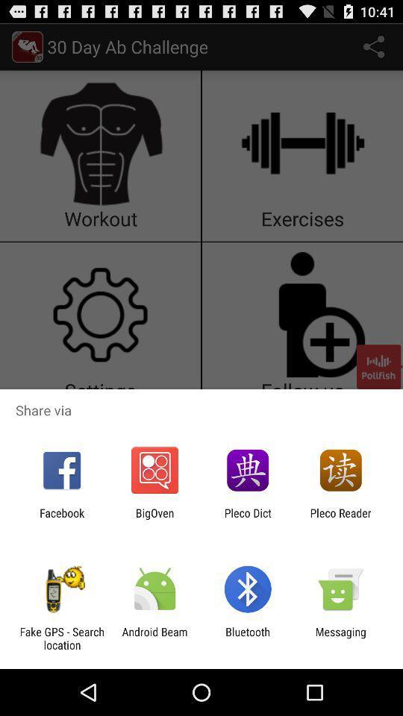 This screenshot has width=403, height=716. I want to click on the item to the left of the messaging icon, so click(248, 638).